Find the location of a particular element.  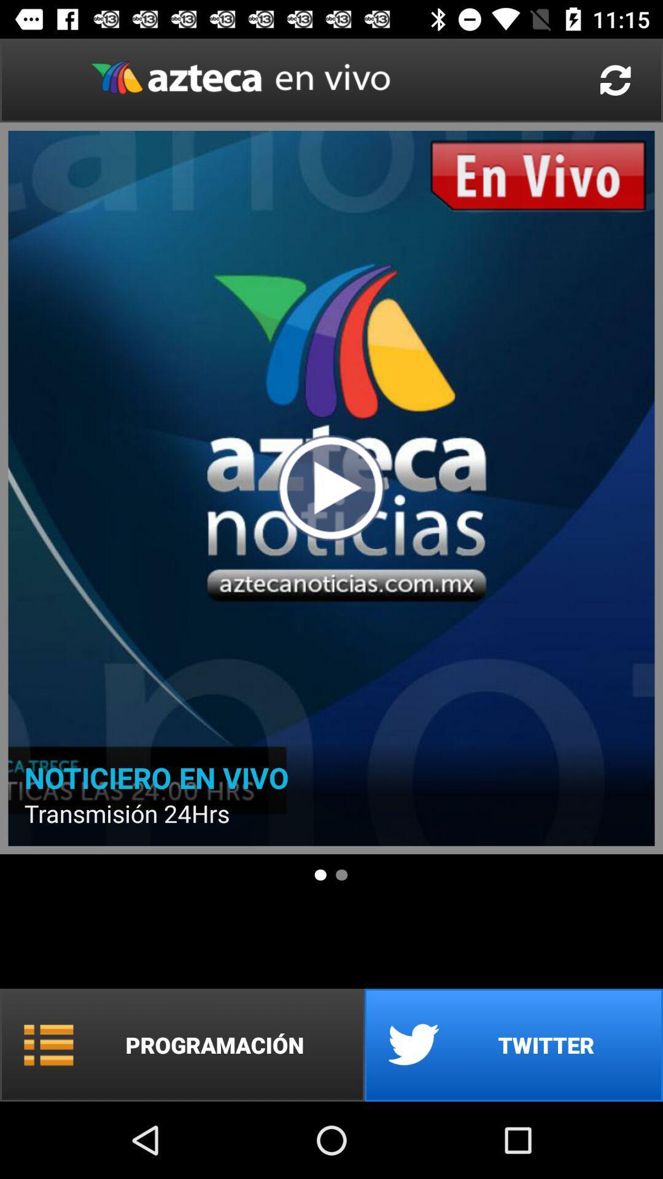

the twitter button is located at coordinates (514, 1045).